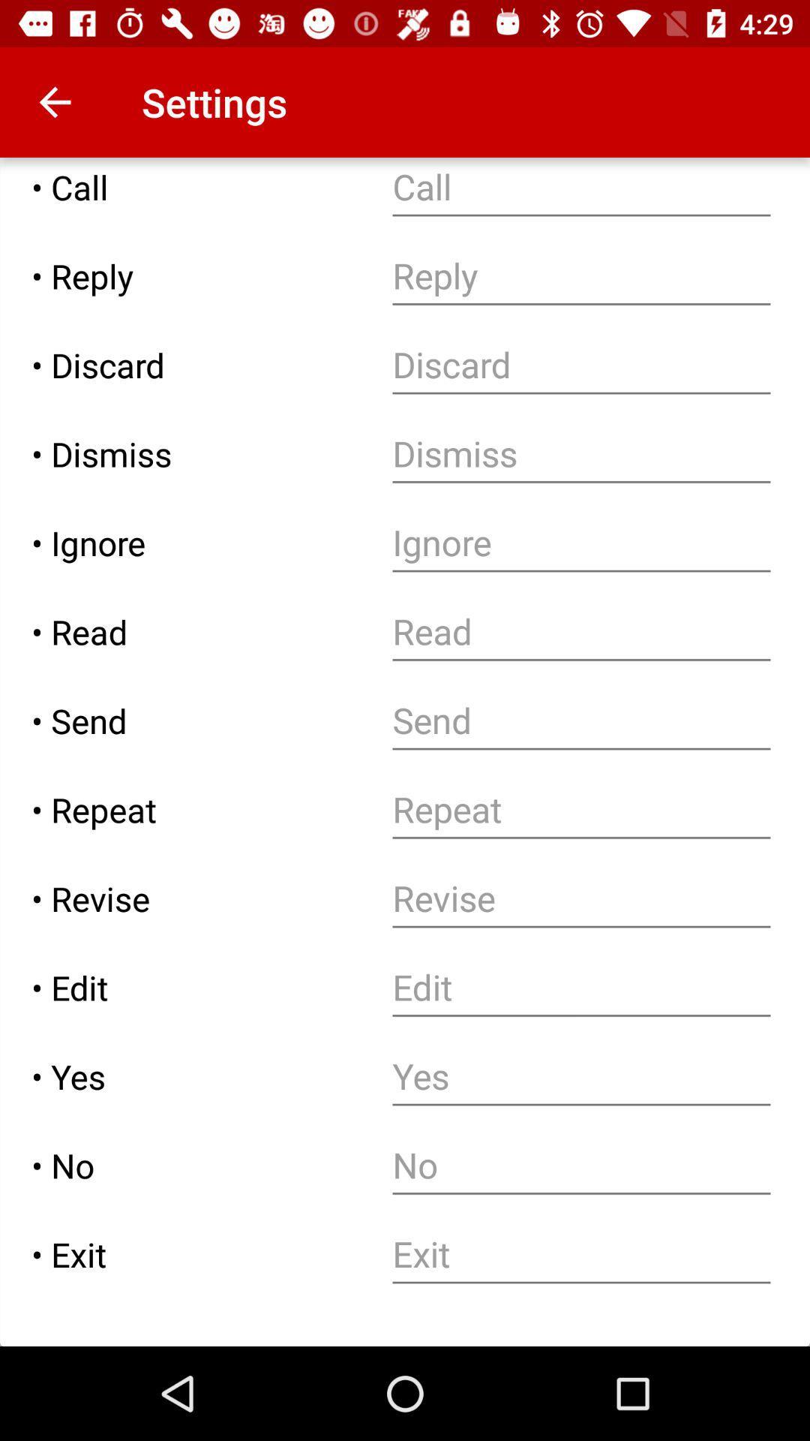  Describe the element at coordinates (54, 101) in the screenshot. I see `the icon next to the settings item` at that location.